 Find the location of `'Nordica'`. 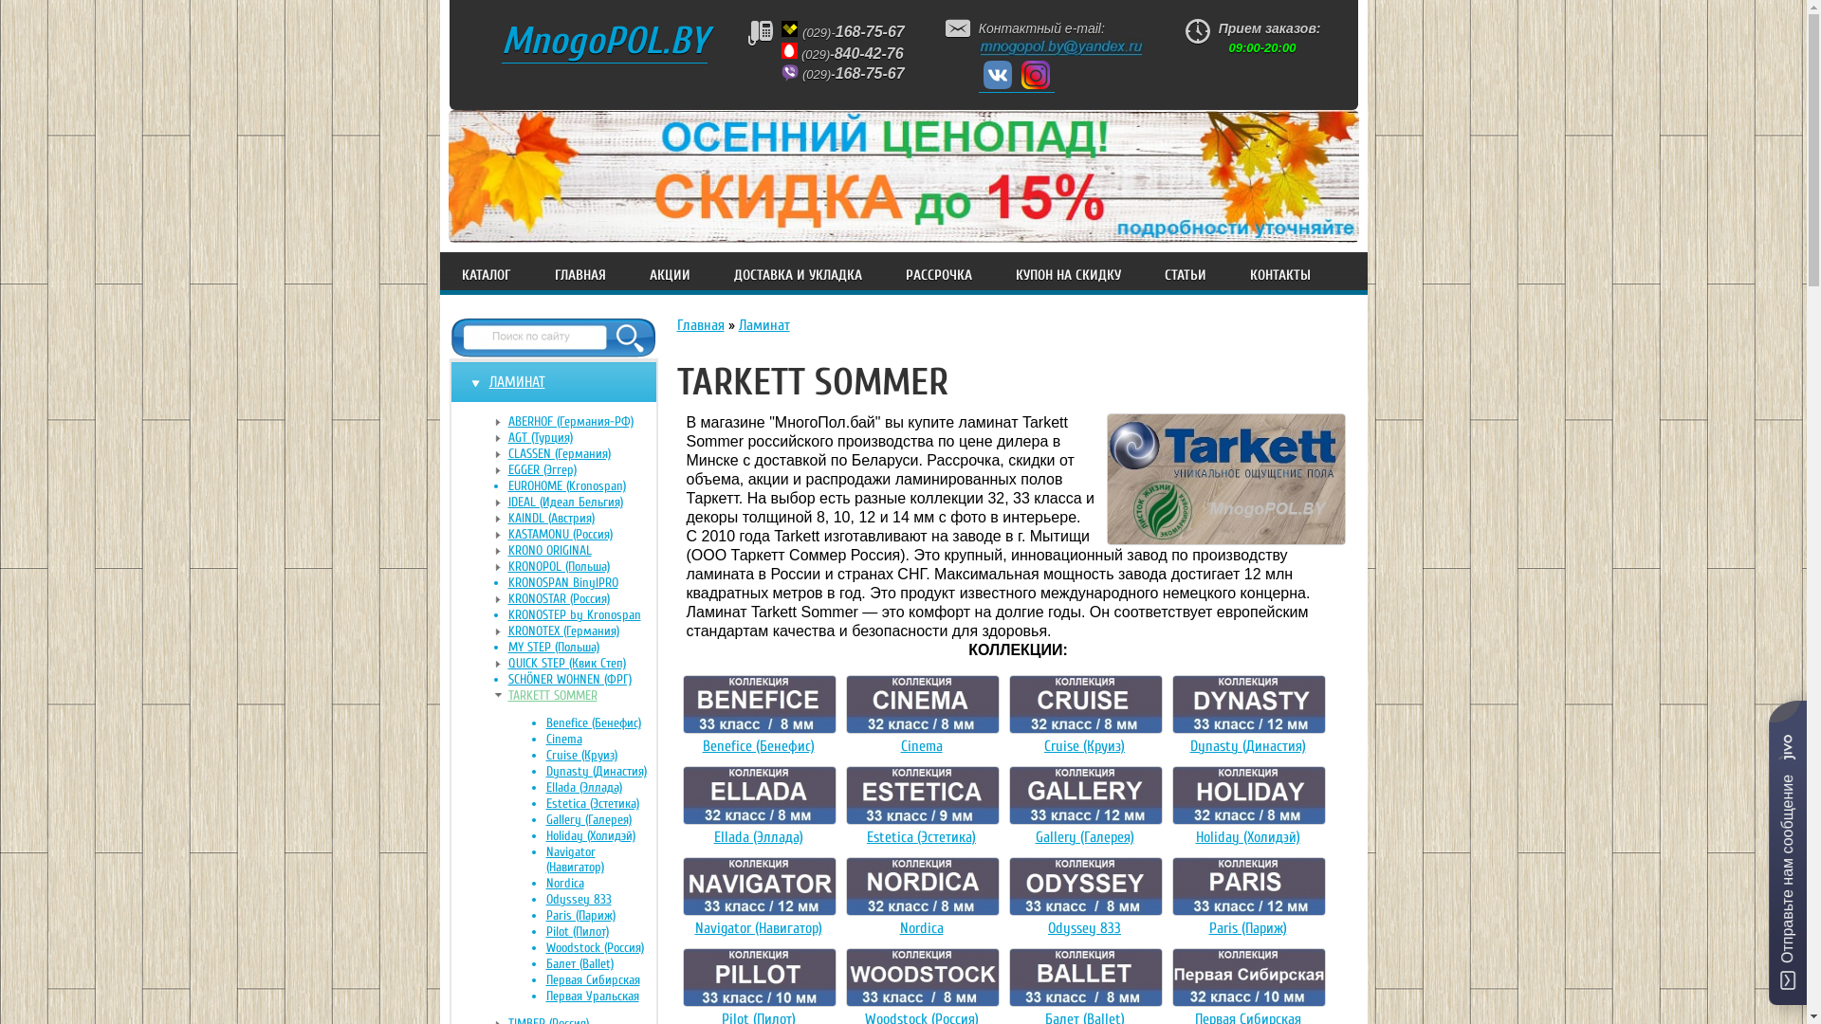

'Nordica' is located at coordinates (920, 927).